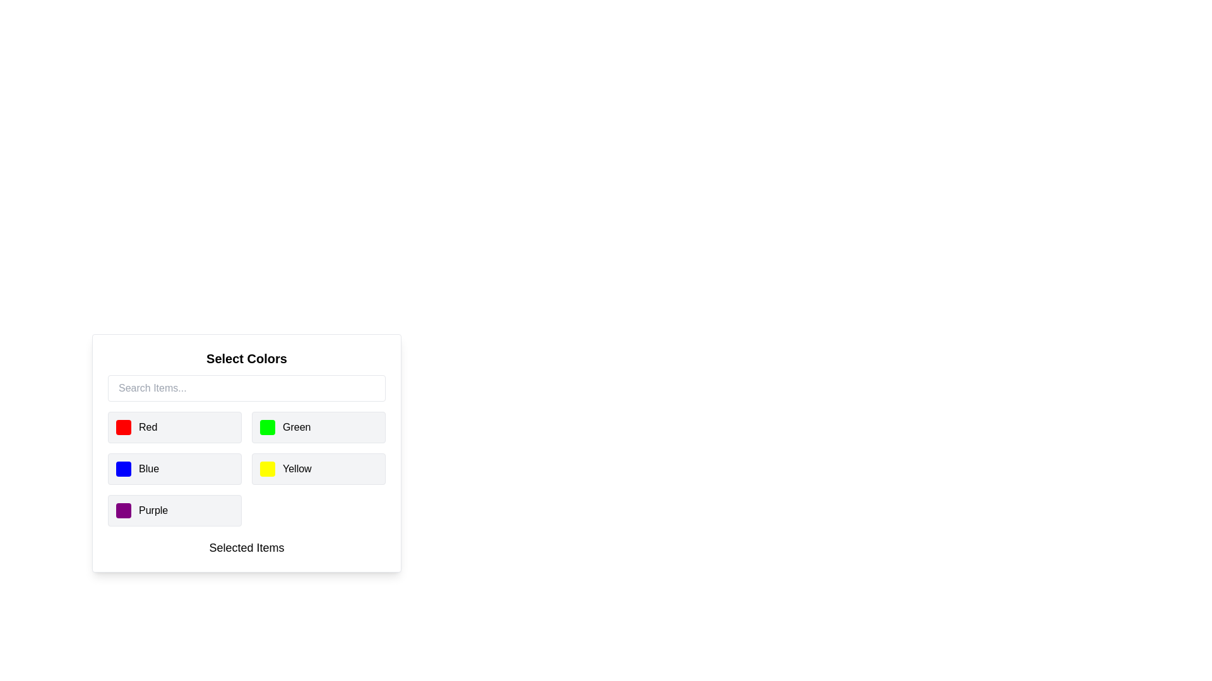 The height and width of the screenshot is (681, 1212). I want to click on the 'Purple' color selection option, which is the fourth item in the vertically-stacked list in the 'Select Colors' panel, so click(142, 511).